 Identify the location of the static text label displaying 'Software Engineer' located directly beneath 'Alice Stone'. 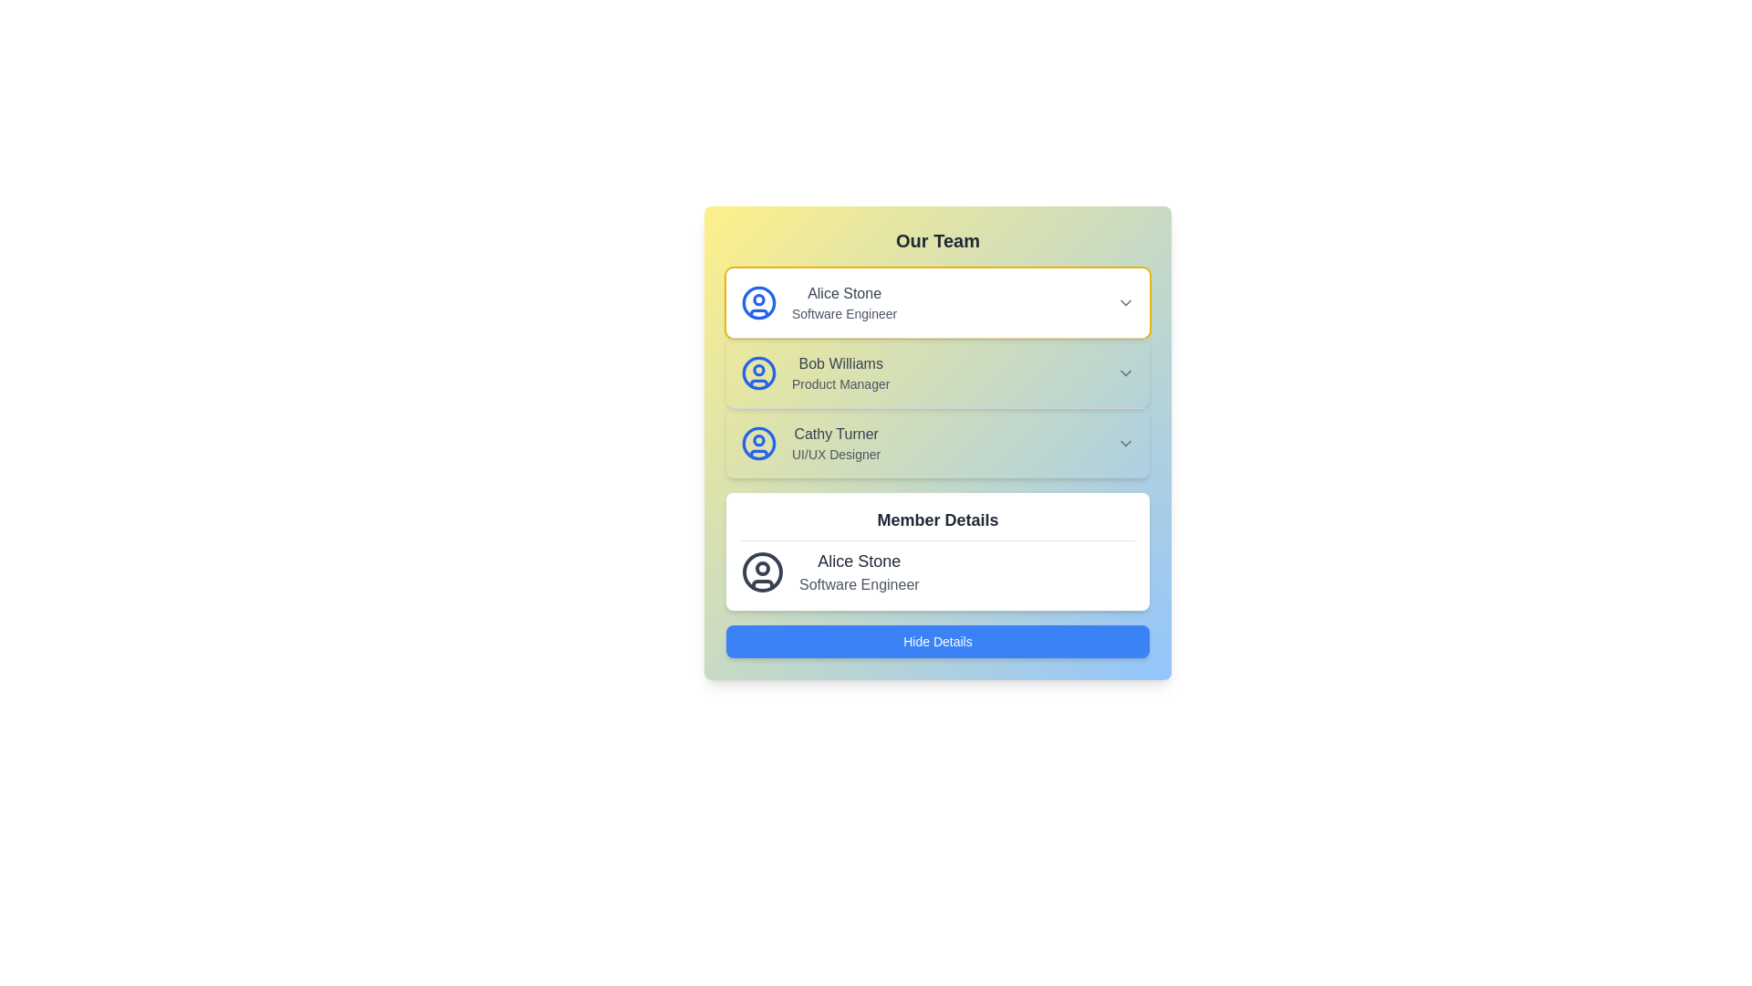
(843, 312).